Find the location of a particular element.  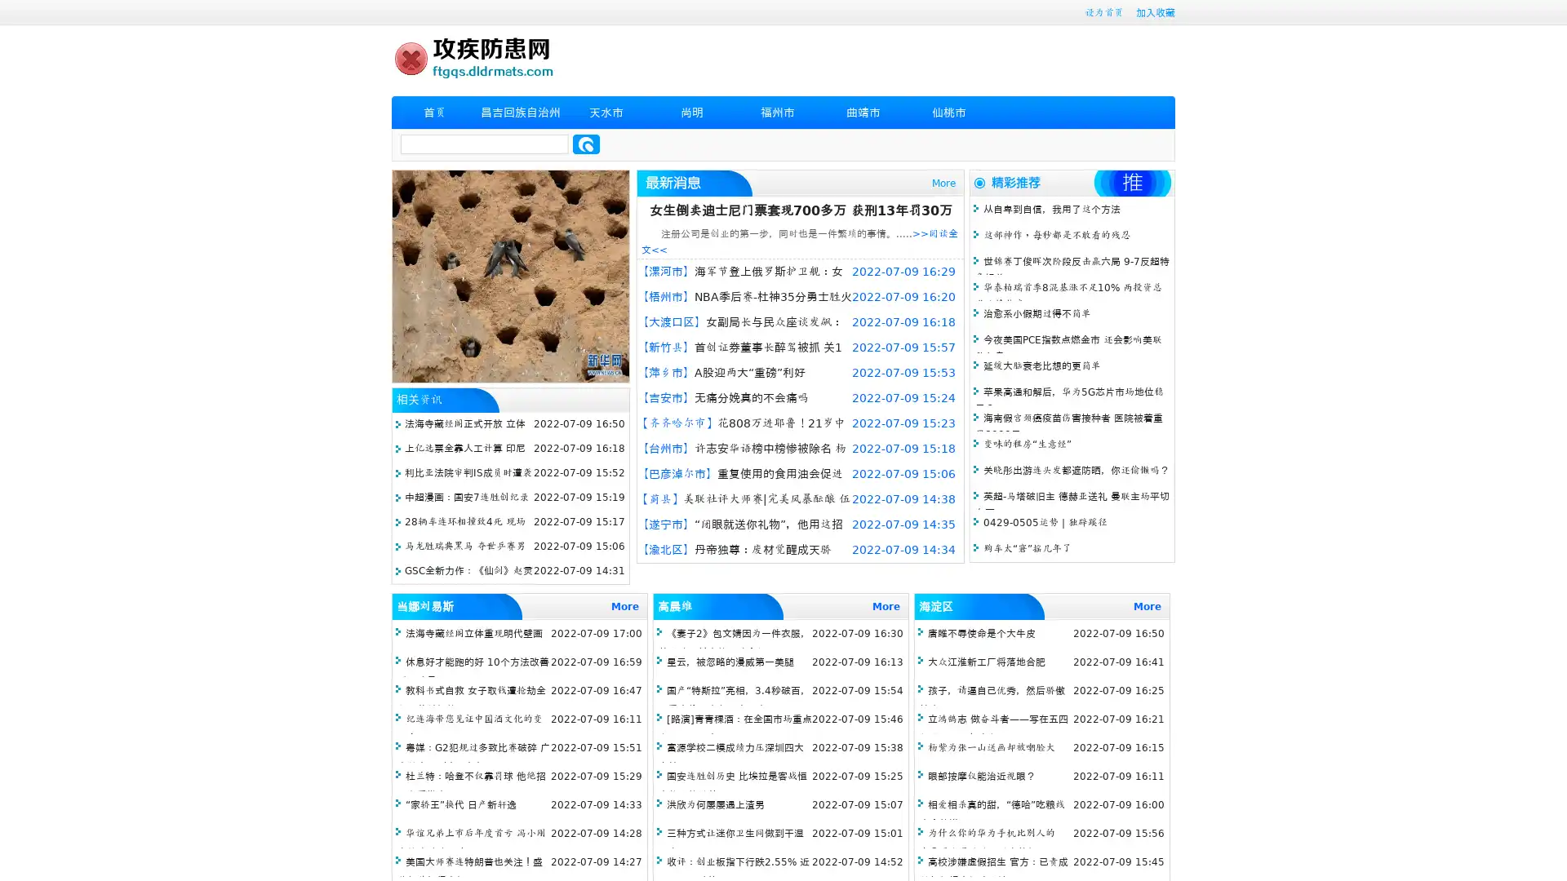

Search is located at coordinates (586, 144).